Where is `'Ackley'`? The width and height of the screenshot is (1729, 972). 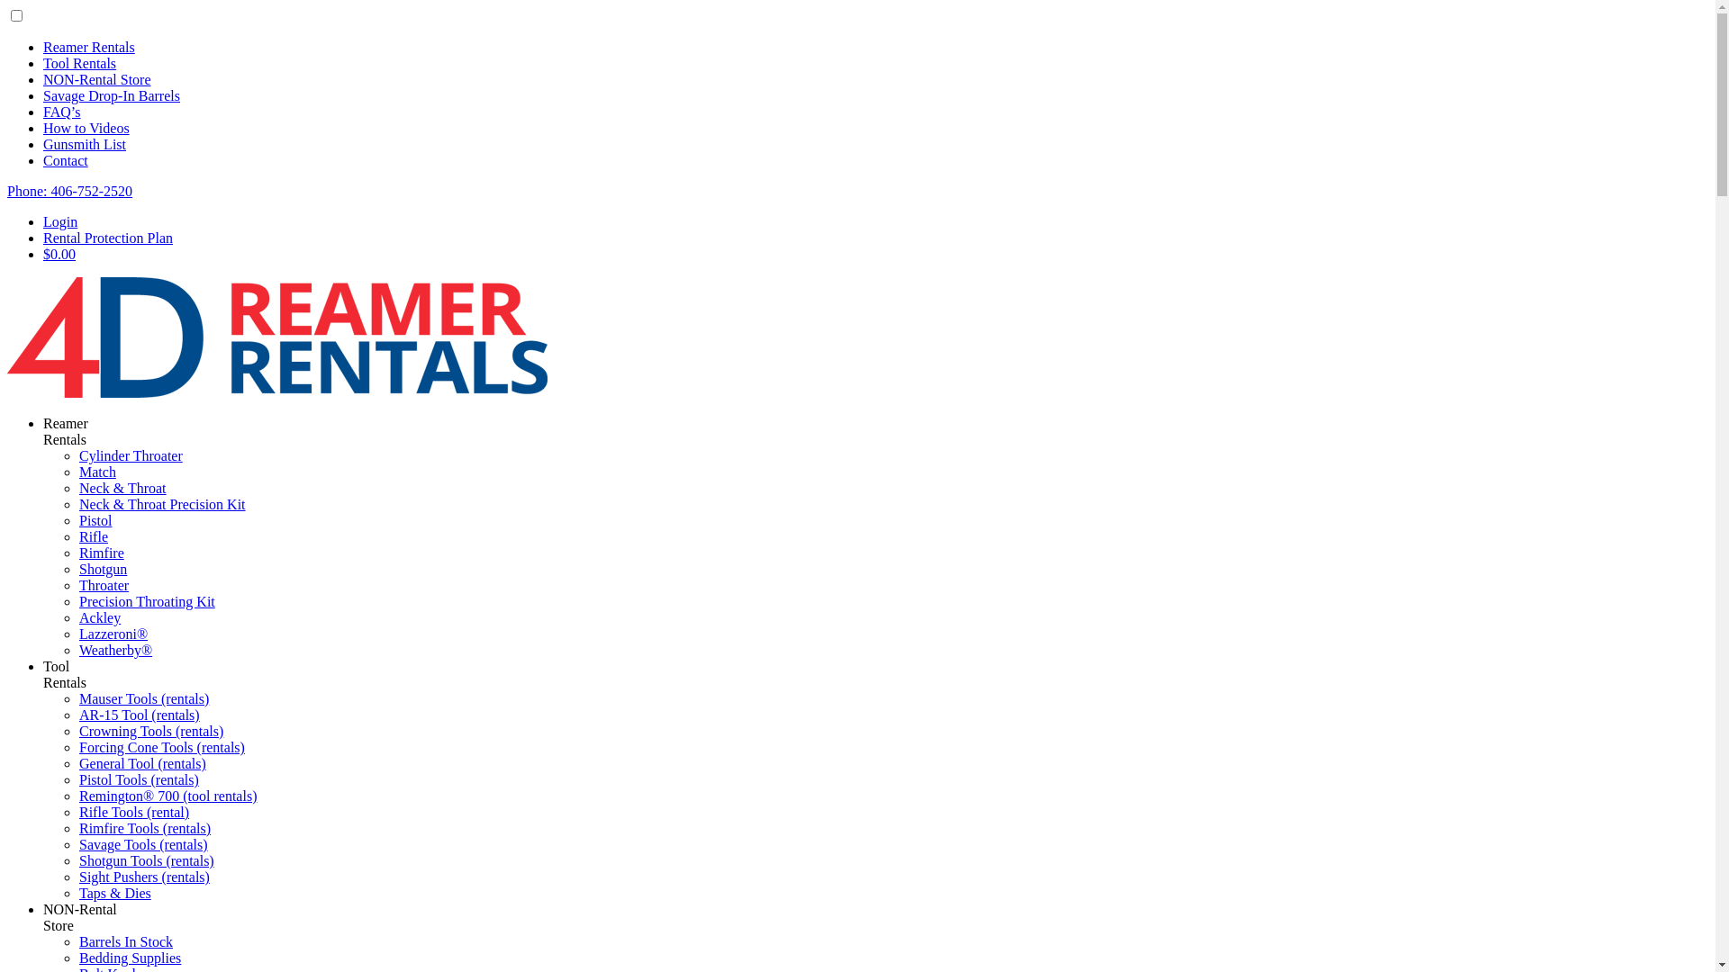 'Ackley' is located at coordinates (98, 616).